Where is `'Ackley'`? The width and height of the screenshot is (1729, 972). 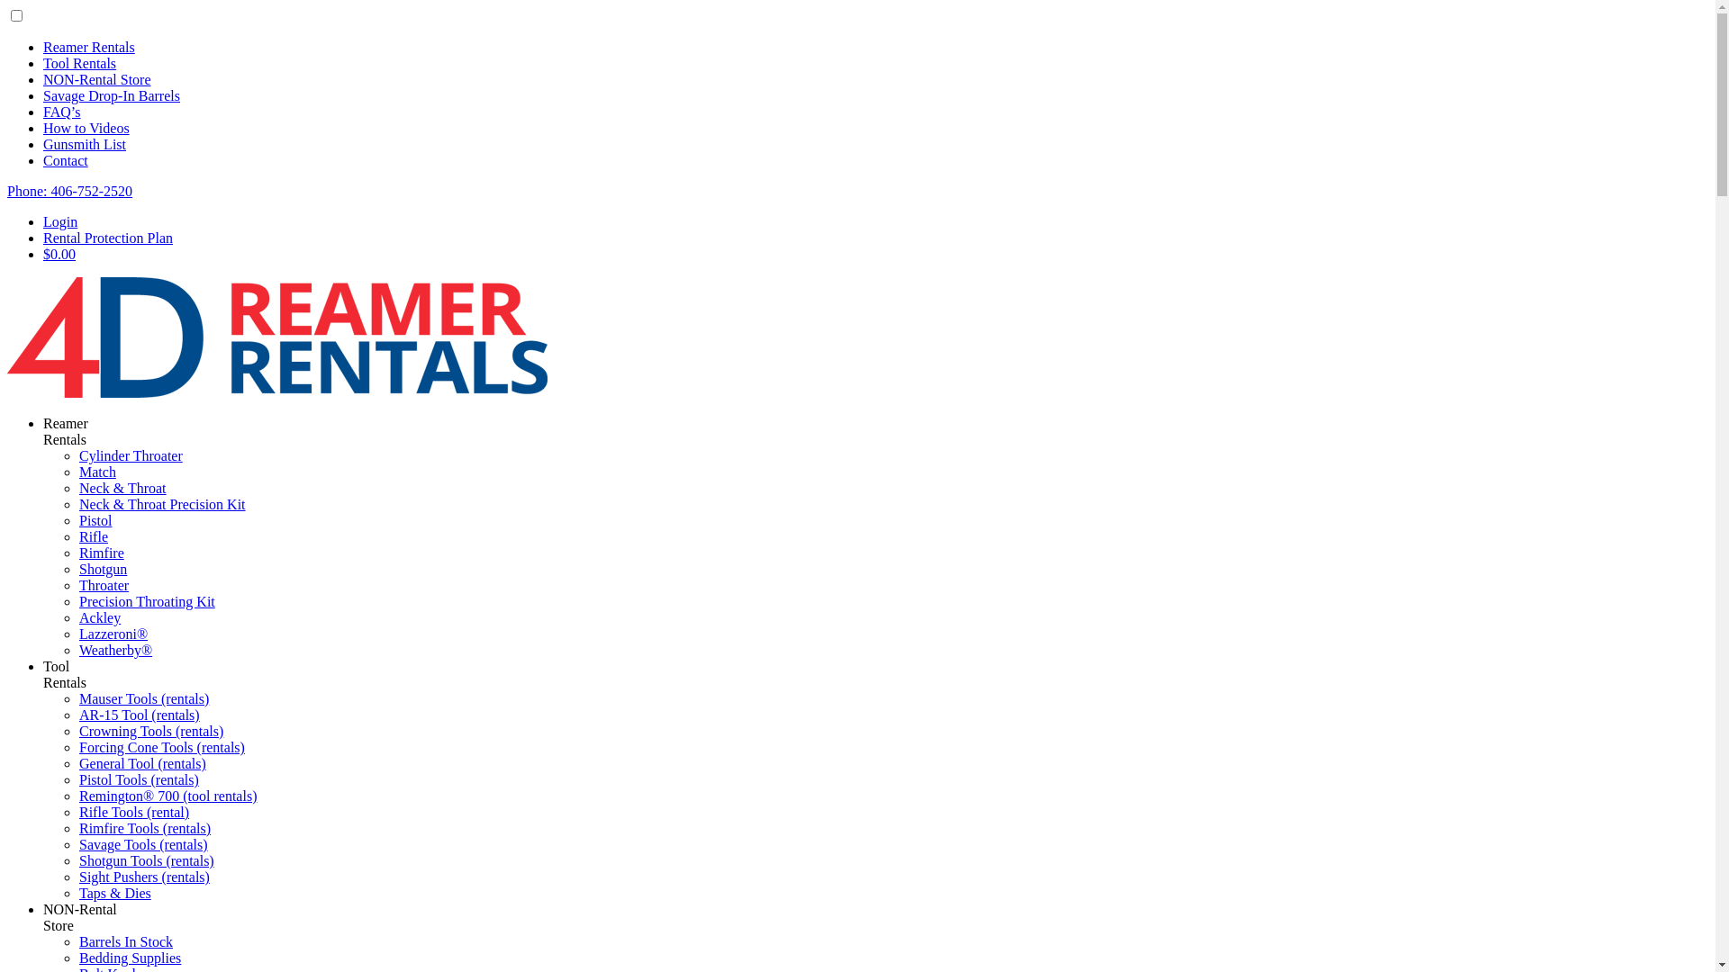 'Ackley' is located at coordinates (98, 616).